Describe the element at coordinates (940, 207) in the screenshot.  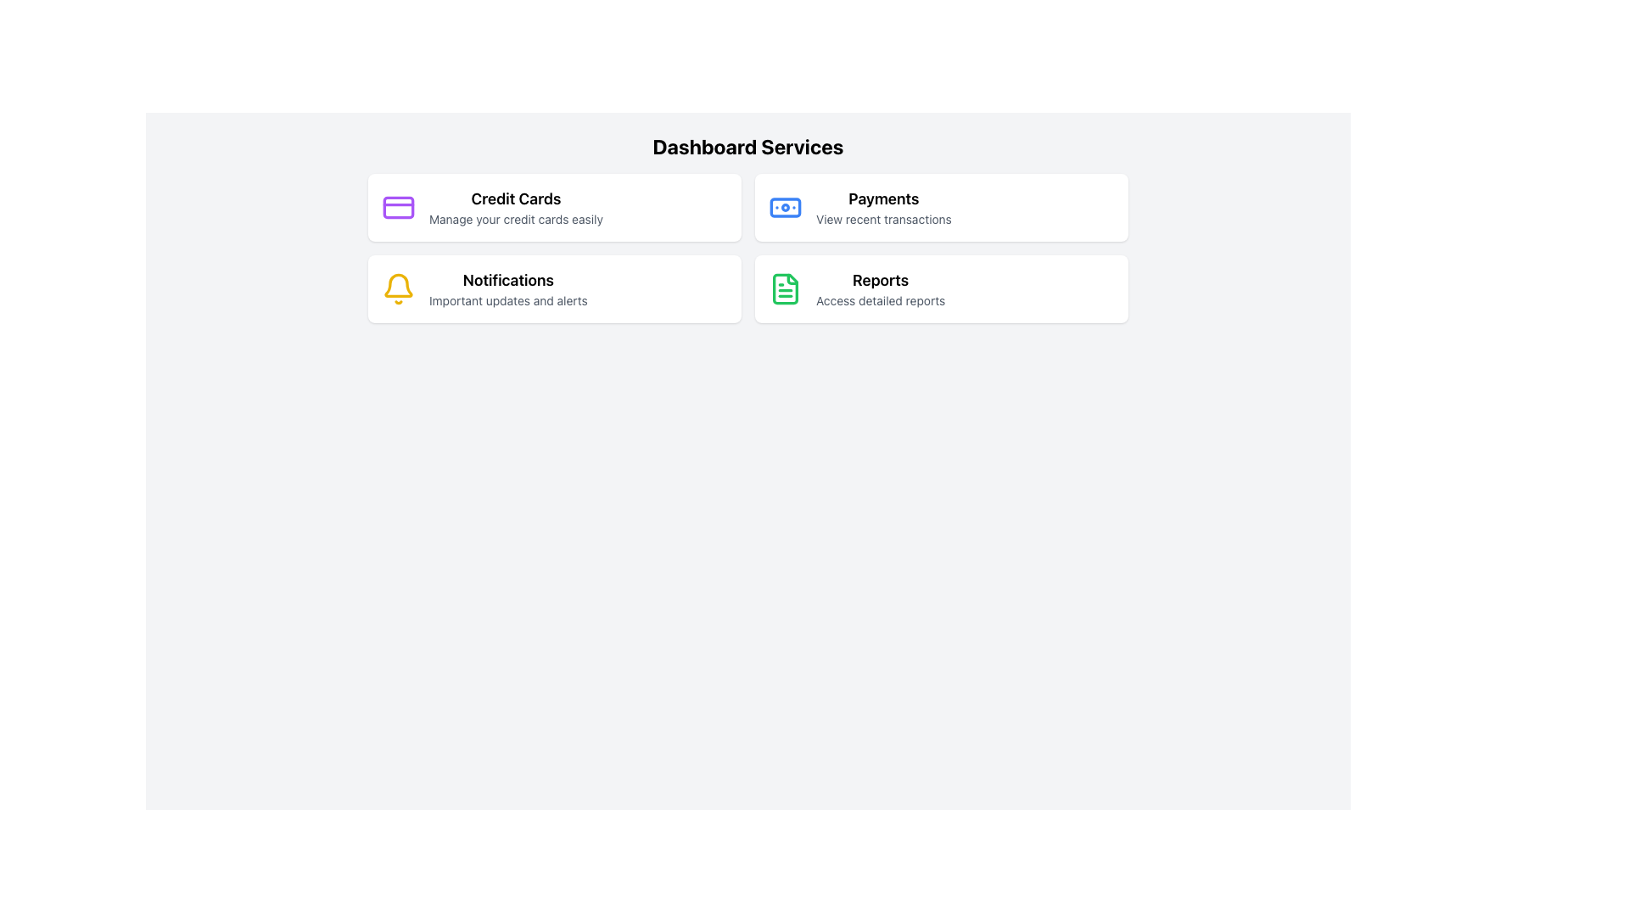
I see `the clickable card located in the second column of the top row` at that location.